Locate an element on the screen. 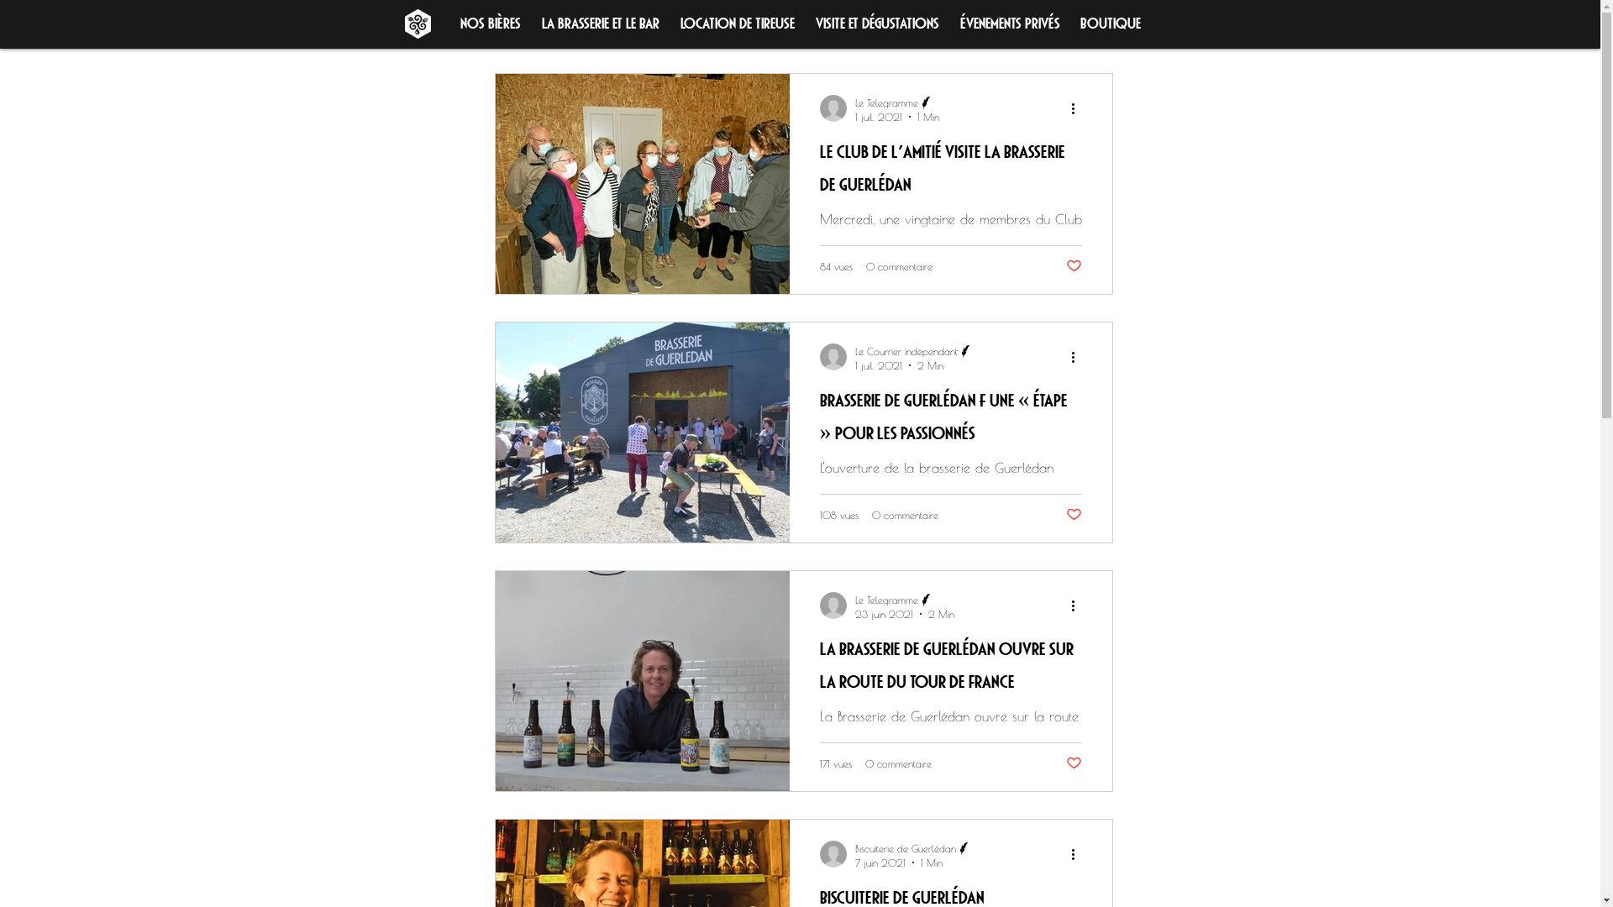  'Tous les posts' is located at coordinates (493, 23).